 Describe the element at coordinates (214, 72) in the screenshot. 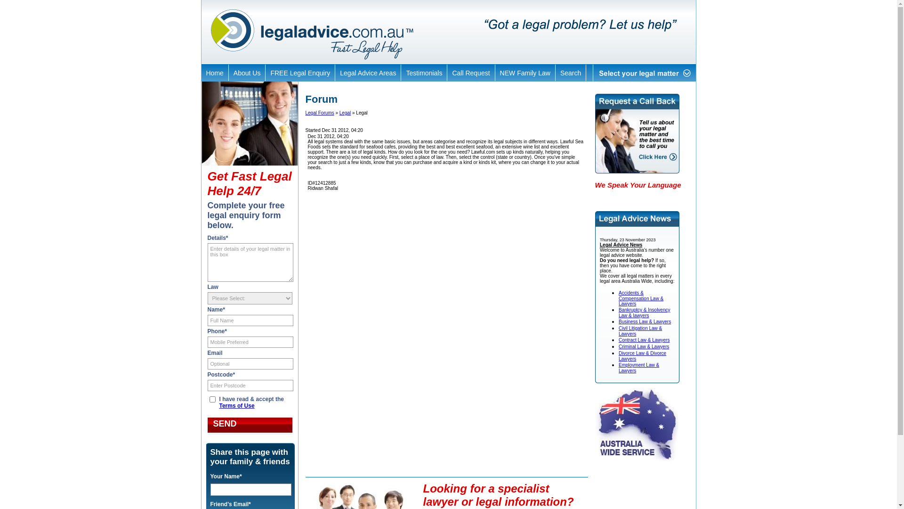

I see `'Home'` at that location.